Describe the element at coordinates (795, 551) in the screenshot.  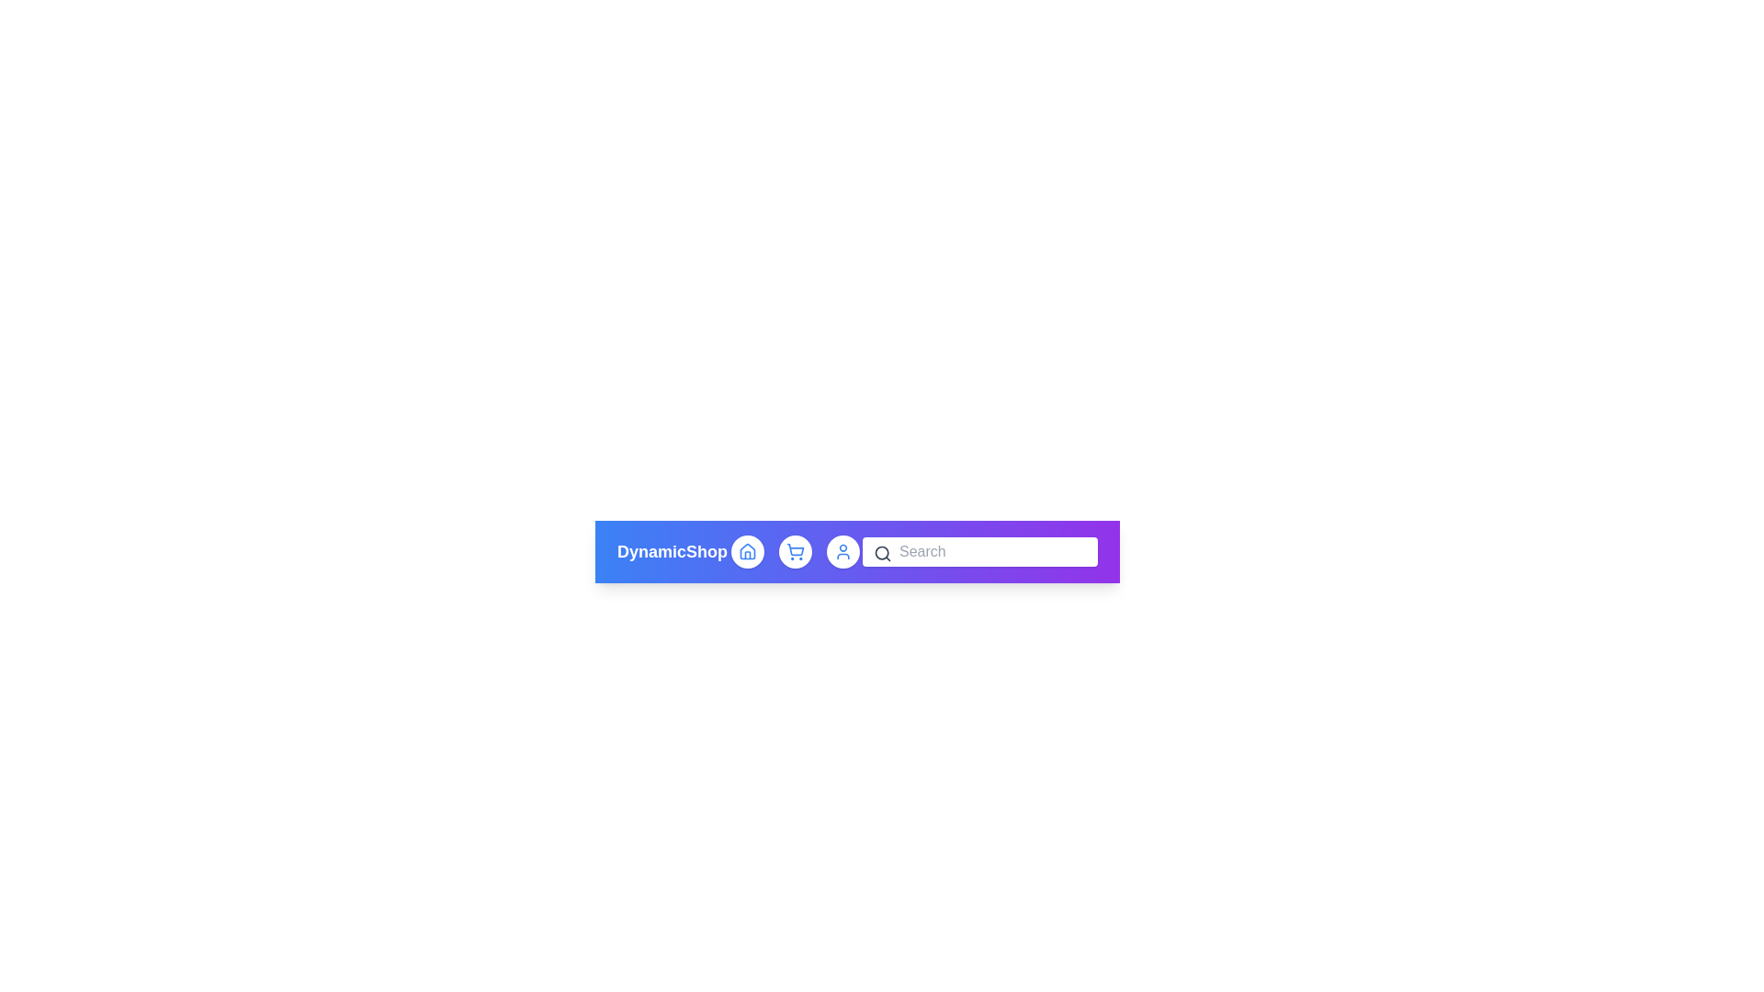
I see `the shopping cart button to view the cart` at that location.